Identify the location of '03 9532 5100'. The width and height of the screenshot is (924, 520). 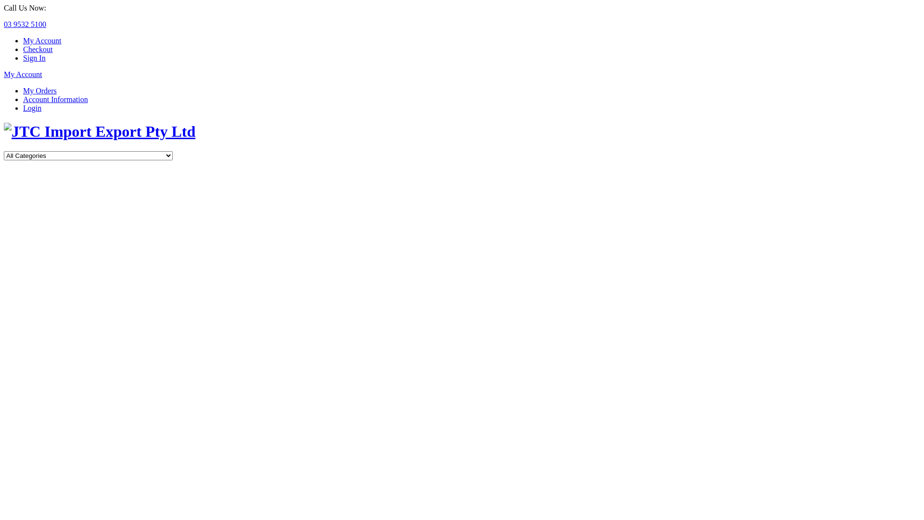
(4, 24).